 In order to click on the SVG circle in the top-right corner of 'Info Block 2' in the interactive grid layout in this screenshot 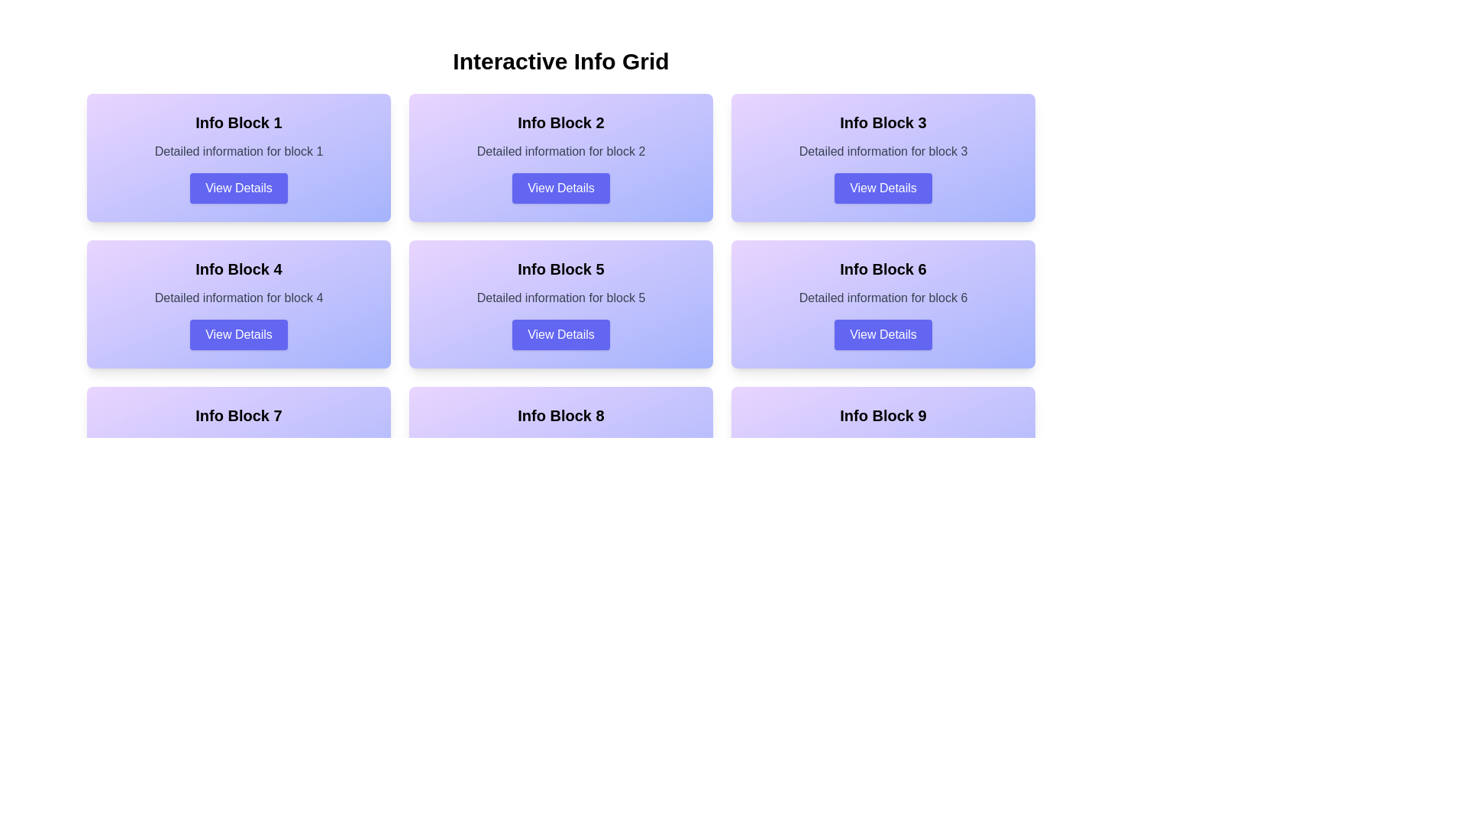, I will do `click(699, 107)`.